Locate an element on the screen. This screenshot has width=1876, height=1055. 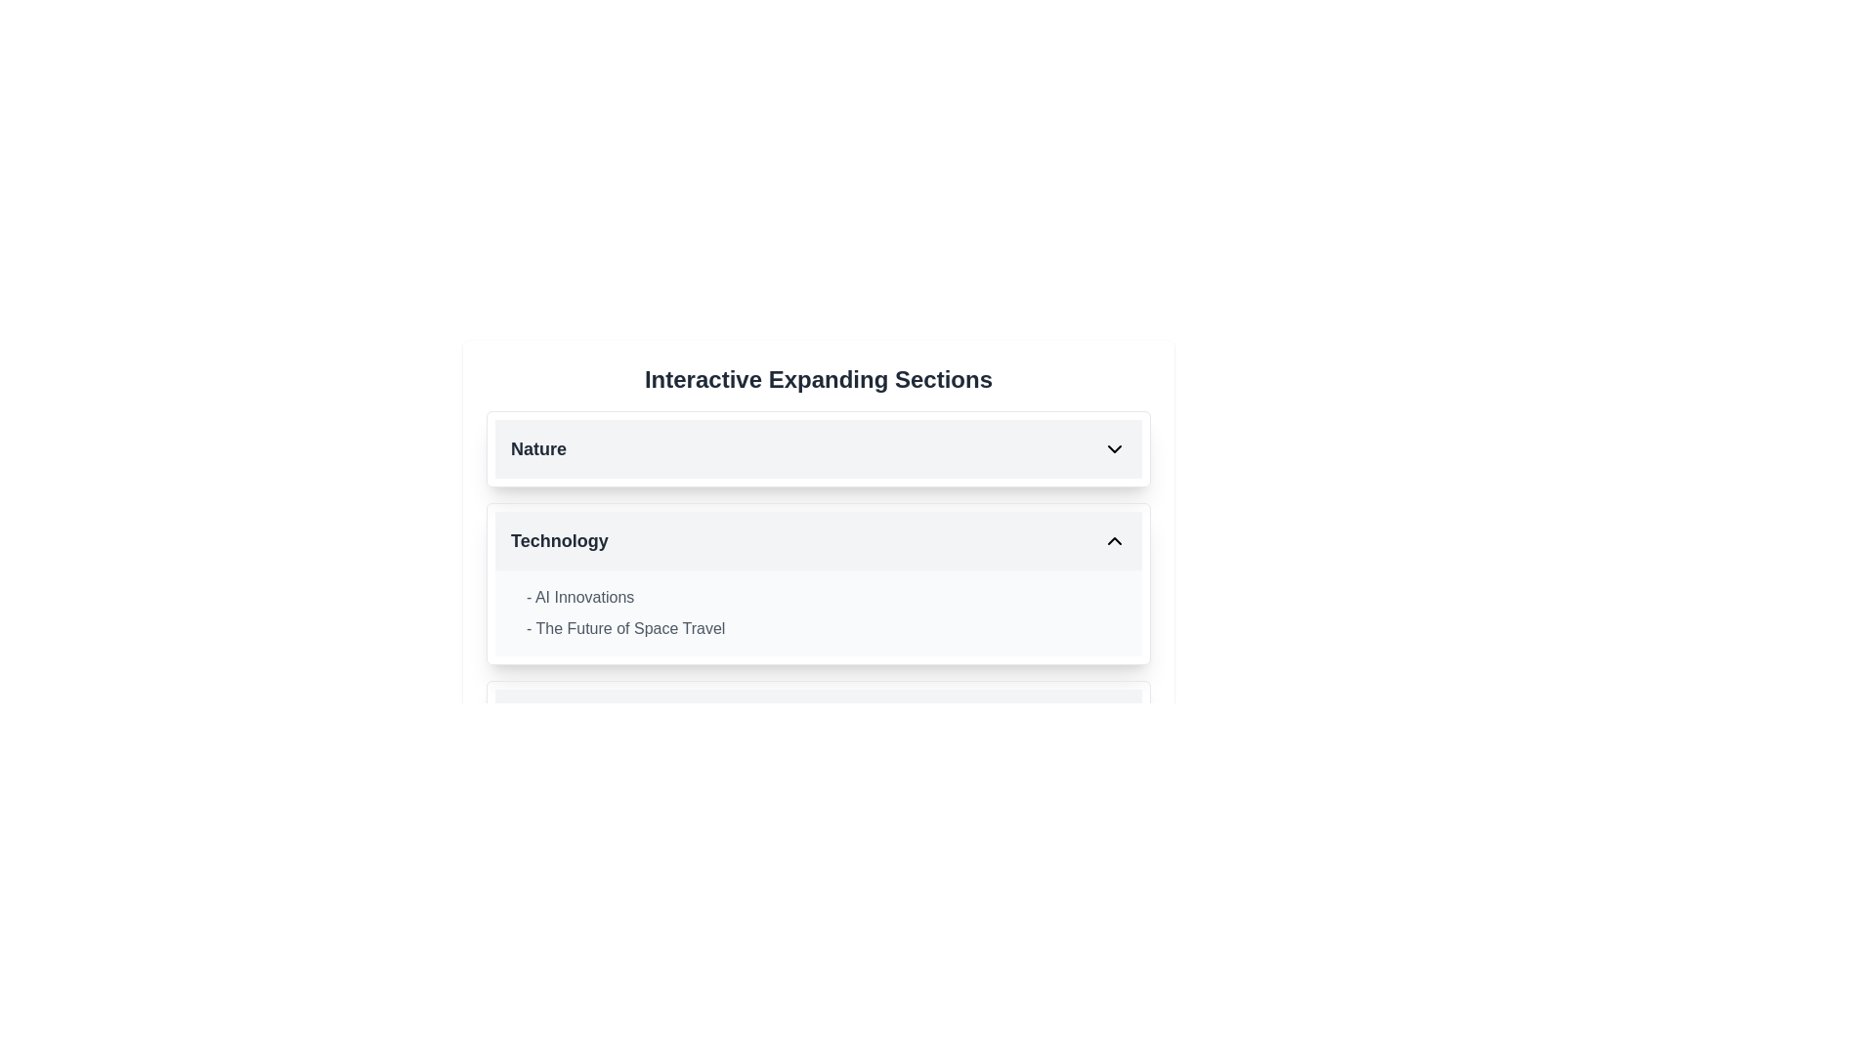
the Text Block that labels content related to 'AI Innovations' and 'The Future of Space Travel', located in the 'Technology' section, directly below its heading is located at coordinates (819, 612).